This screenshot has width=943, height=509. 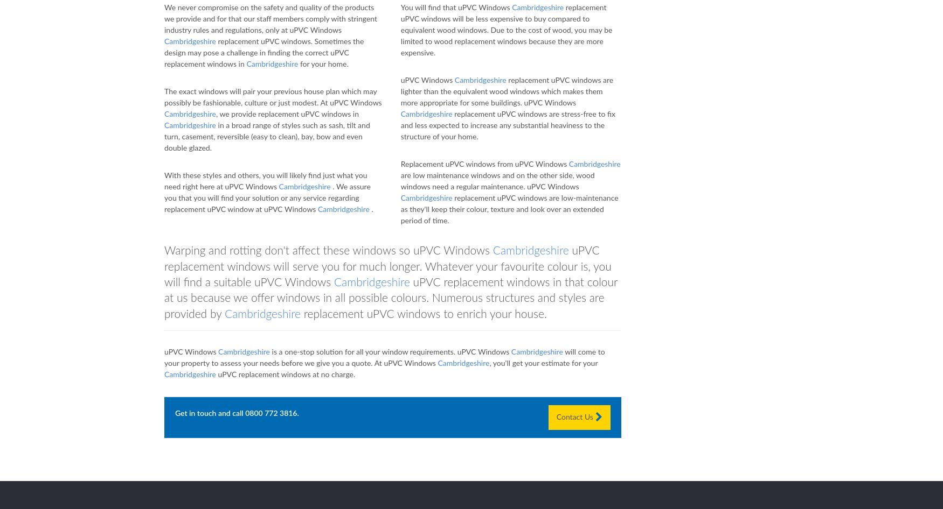 What do you see at coordinates (164, 19) in the screenshot?
I see `'We never compromise on the safety and quality of the products we provide and for that our staff members comply with stringent industry rules and regulations, only at uPVC Windows'` at bounding box center [164, 19].